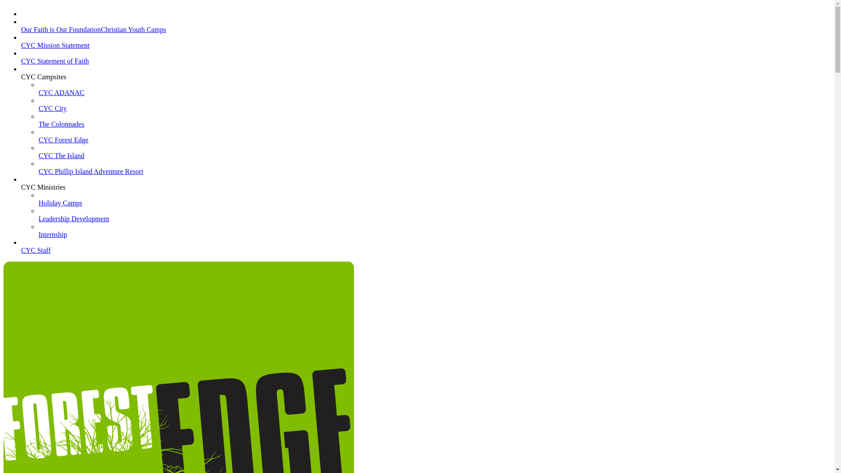  Describe the element at coordinates (52, 112) in the screenshot. I see `'CYC City'` at that location.